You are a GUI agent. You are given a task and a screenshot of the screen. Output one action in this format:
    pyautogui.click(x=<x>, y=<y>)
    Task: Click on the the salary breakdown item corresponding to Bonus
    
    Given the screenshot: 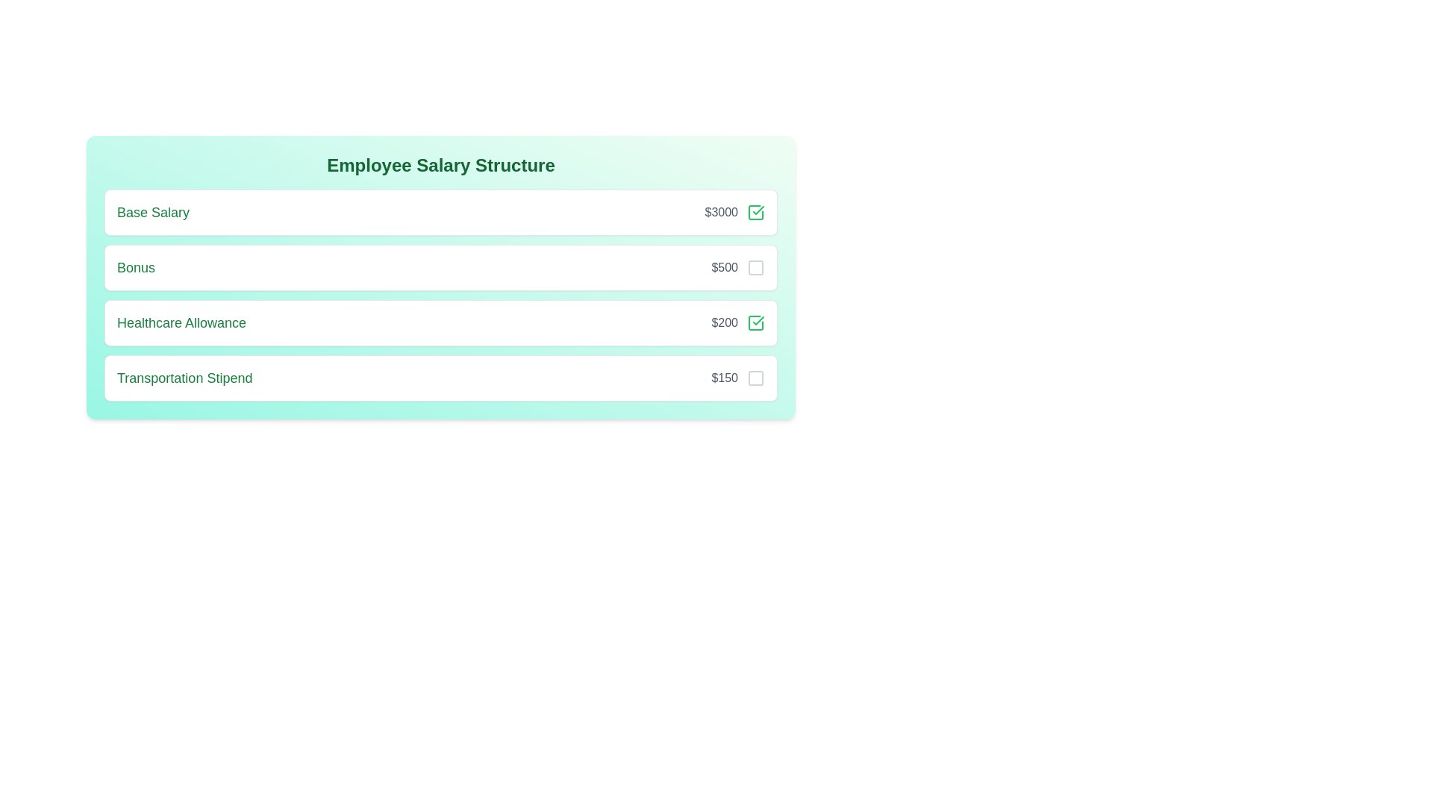 What is the action you would take?
    pyautogui.click(x=755, y=266)
    